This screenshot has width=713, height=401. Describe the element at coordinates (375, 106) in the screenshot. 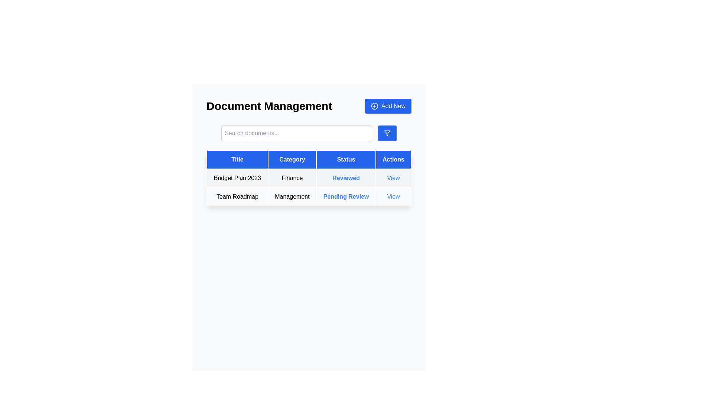

I see `the SVG circle graphic element that forms the circular border within the 'Add New' button icon, which is blue and resembles a plus inside a circle` at that location.